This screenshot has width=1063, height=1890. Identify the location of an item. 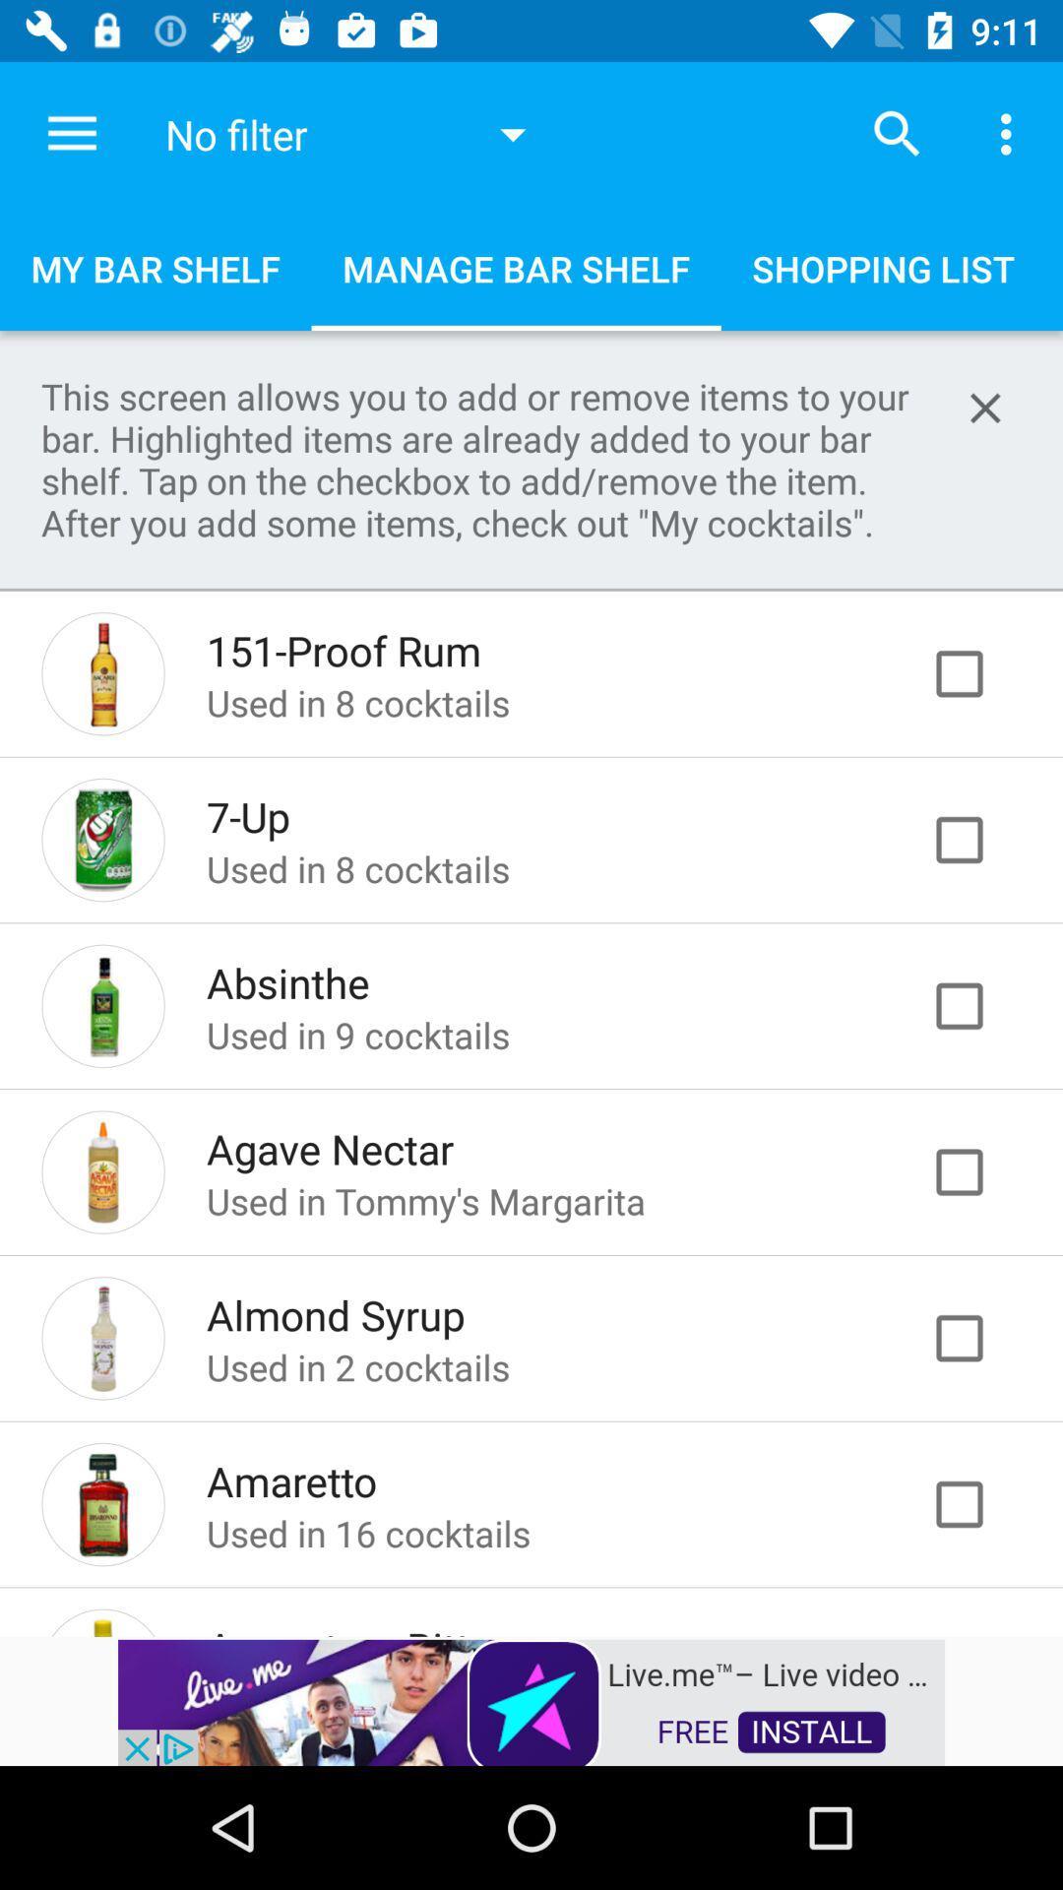
(979, 673).